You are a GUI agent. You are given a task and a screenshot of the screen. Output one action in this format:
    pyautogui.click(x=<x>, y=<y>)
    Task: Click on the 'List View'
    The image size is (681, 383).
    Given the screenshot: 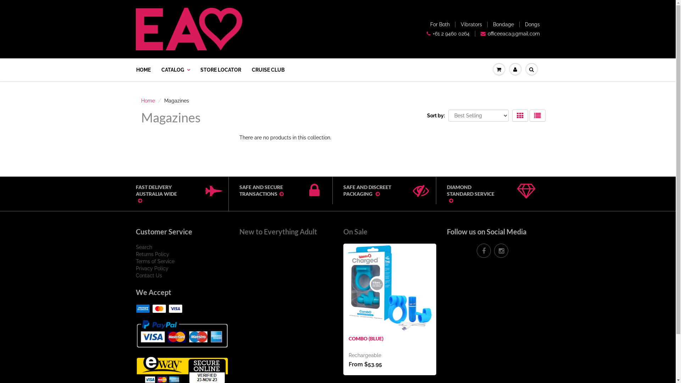 What is the action you would take?
    pyautogui.click(x=529, y=115)
    